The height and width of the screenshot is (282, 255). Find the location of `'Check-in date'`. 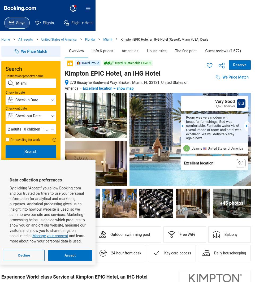

'Check-in date' is located at coordinates (15, 92).